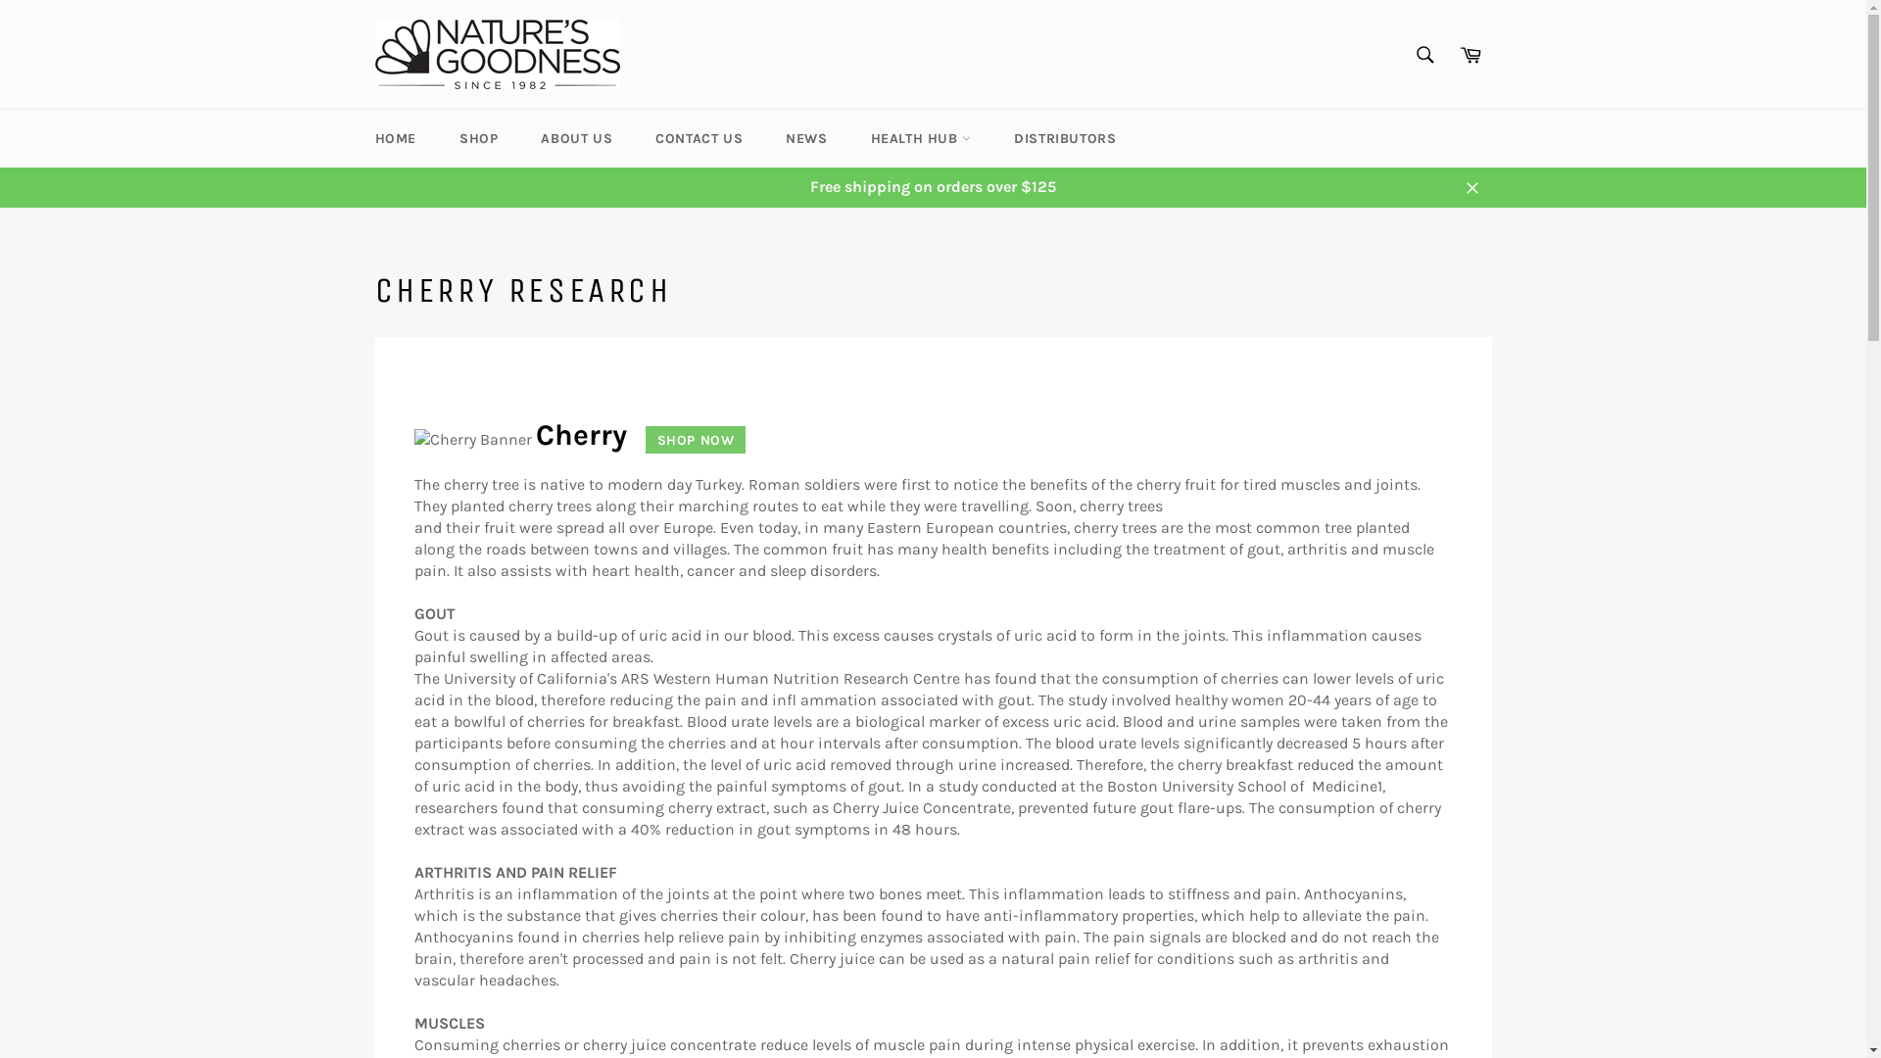 The width and height of the screenshot is (1881, 1058). I want to click on 'NEWS', so click(805, 137).